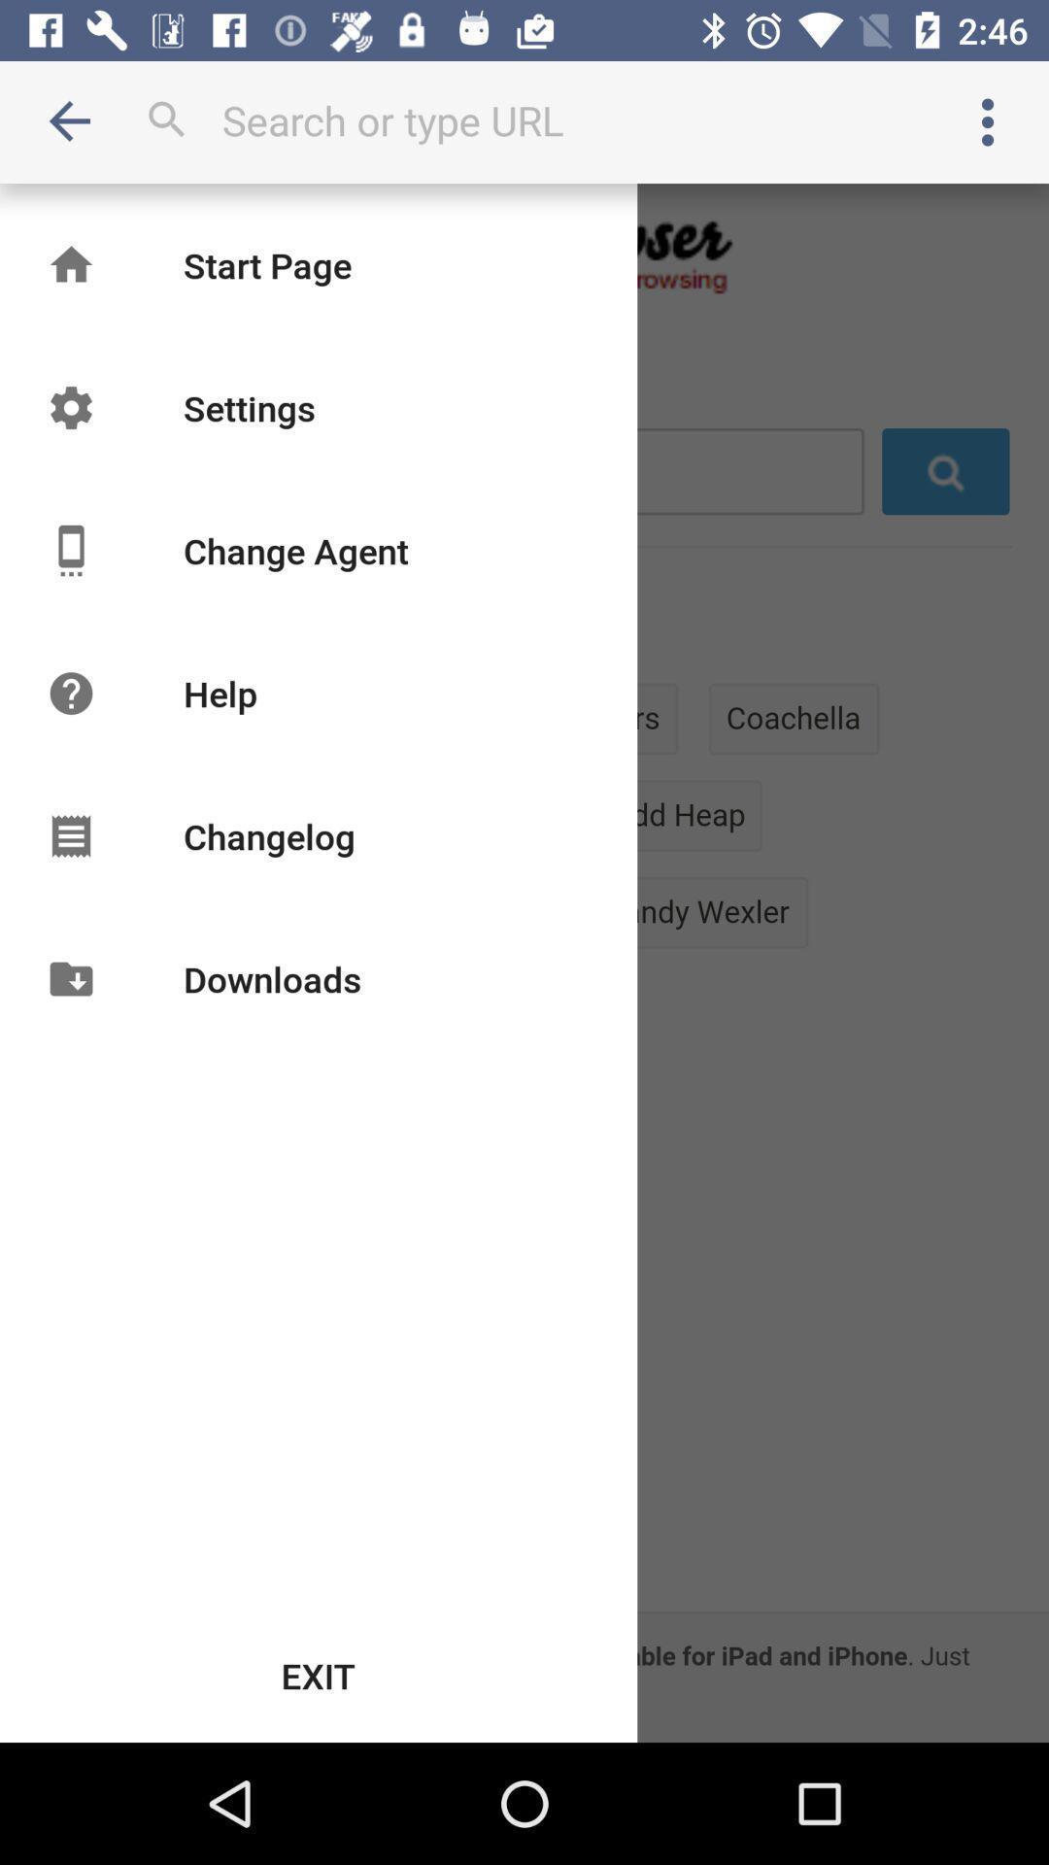 The image size is (1049, 1865). What do you see at coordinates (220, 694) in the screenshot?
I see `icon below change agent item` at bounding box center [220, 694].